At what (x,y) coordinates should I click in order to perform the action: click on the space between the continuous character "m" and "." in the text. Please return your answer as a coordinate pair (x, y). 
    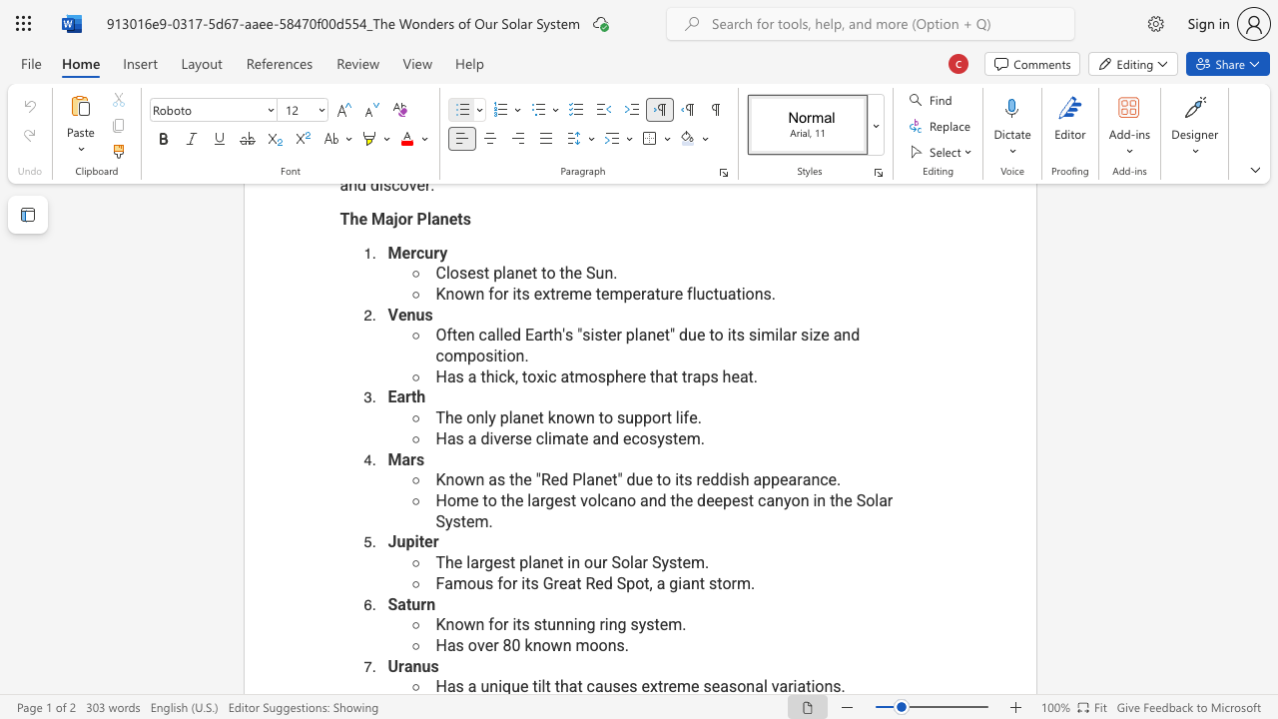
    Looking at the image, I should click on (702, 562).